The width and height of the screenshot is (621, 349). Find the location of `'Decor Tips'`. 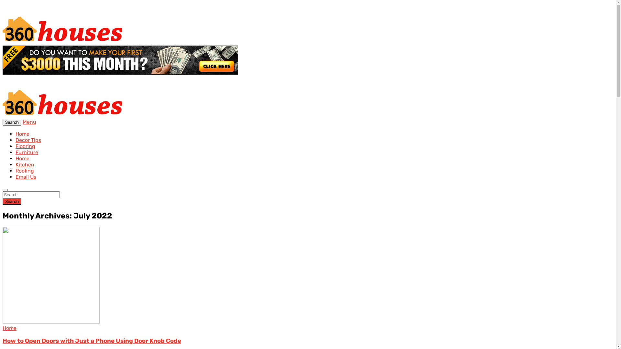

'Decor Tips' is located at coordinates (28, 140).